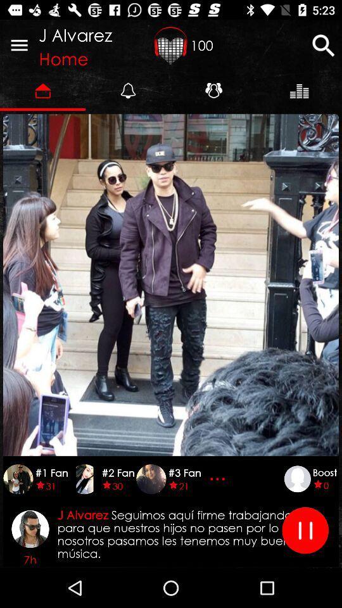  What do you see at coordinates (18, 45) in the screenshot?
I see `menu option` at bounding box center [18, 45].